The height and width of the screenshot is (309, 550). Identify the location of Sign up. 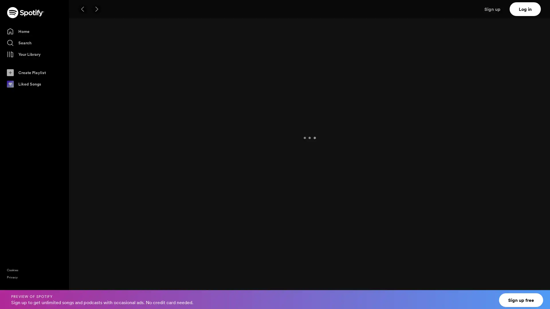
(496, 9).